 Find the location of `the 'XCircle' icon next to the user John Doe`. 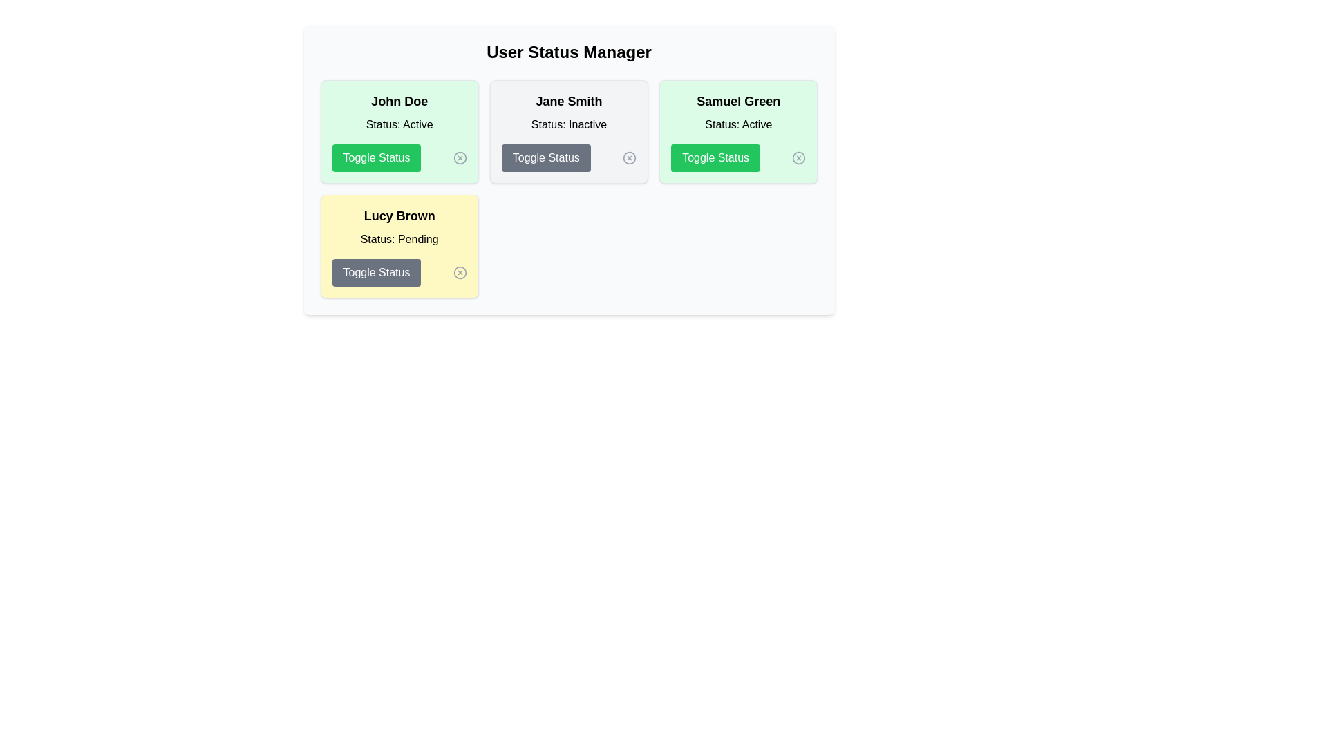

the 'XCircle' icon next to the user John Doe is located at coordinates (460, 157).